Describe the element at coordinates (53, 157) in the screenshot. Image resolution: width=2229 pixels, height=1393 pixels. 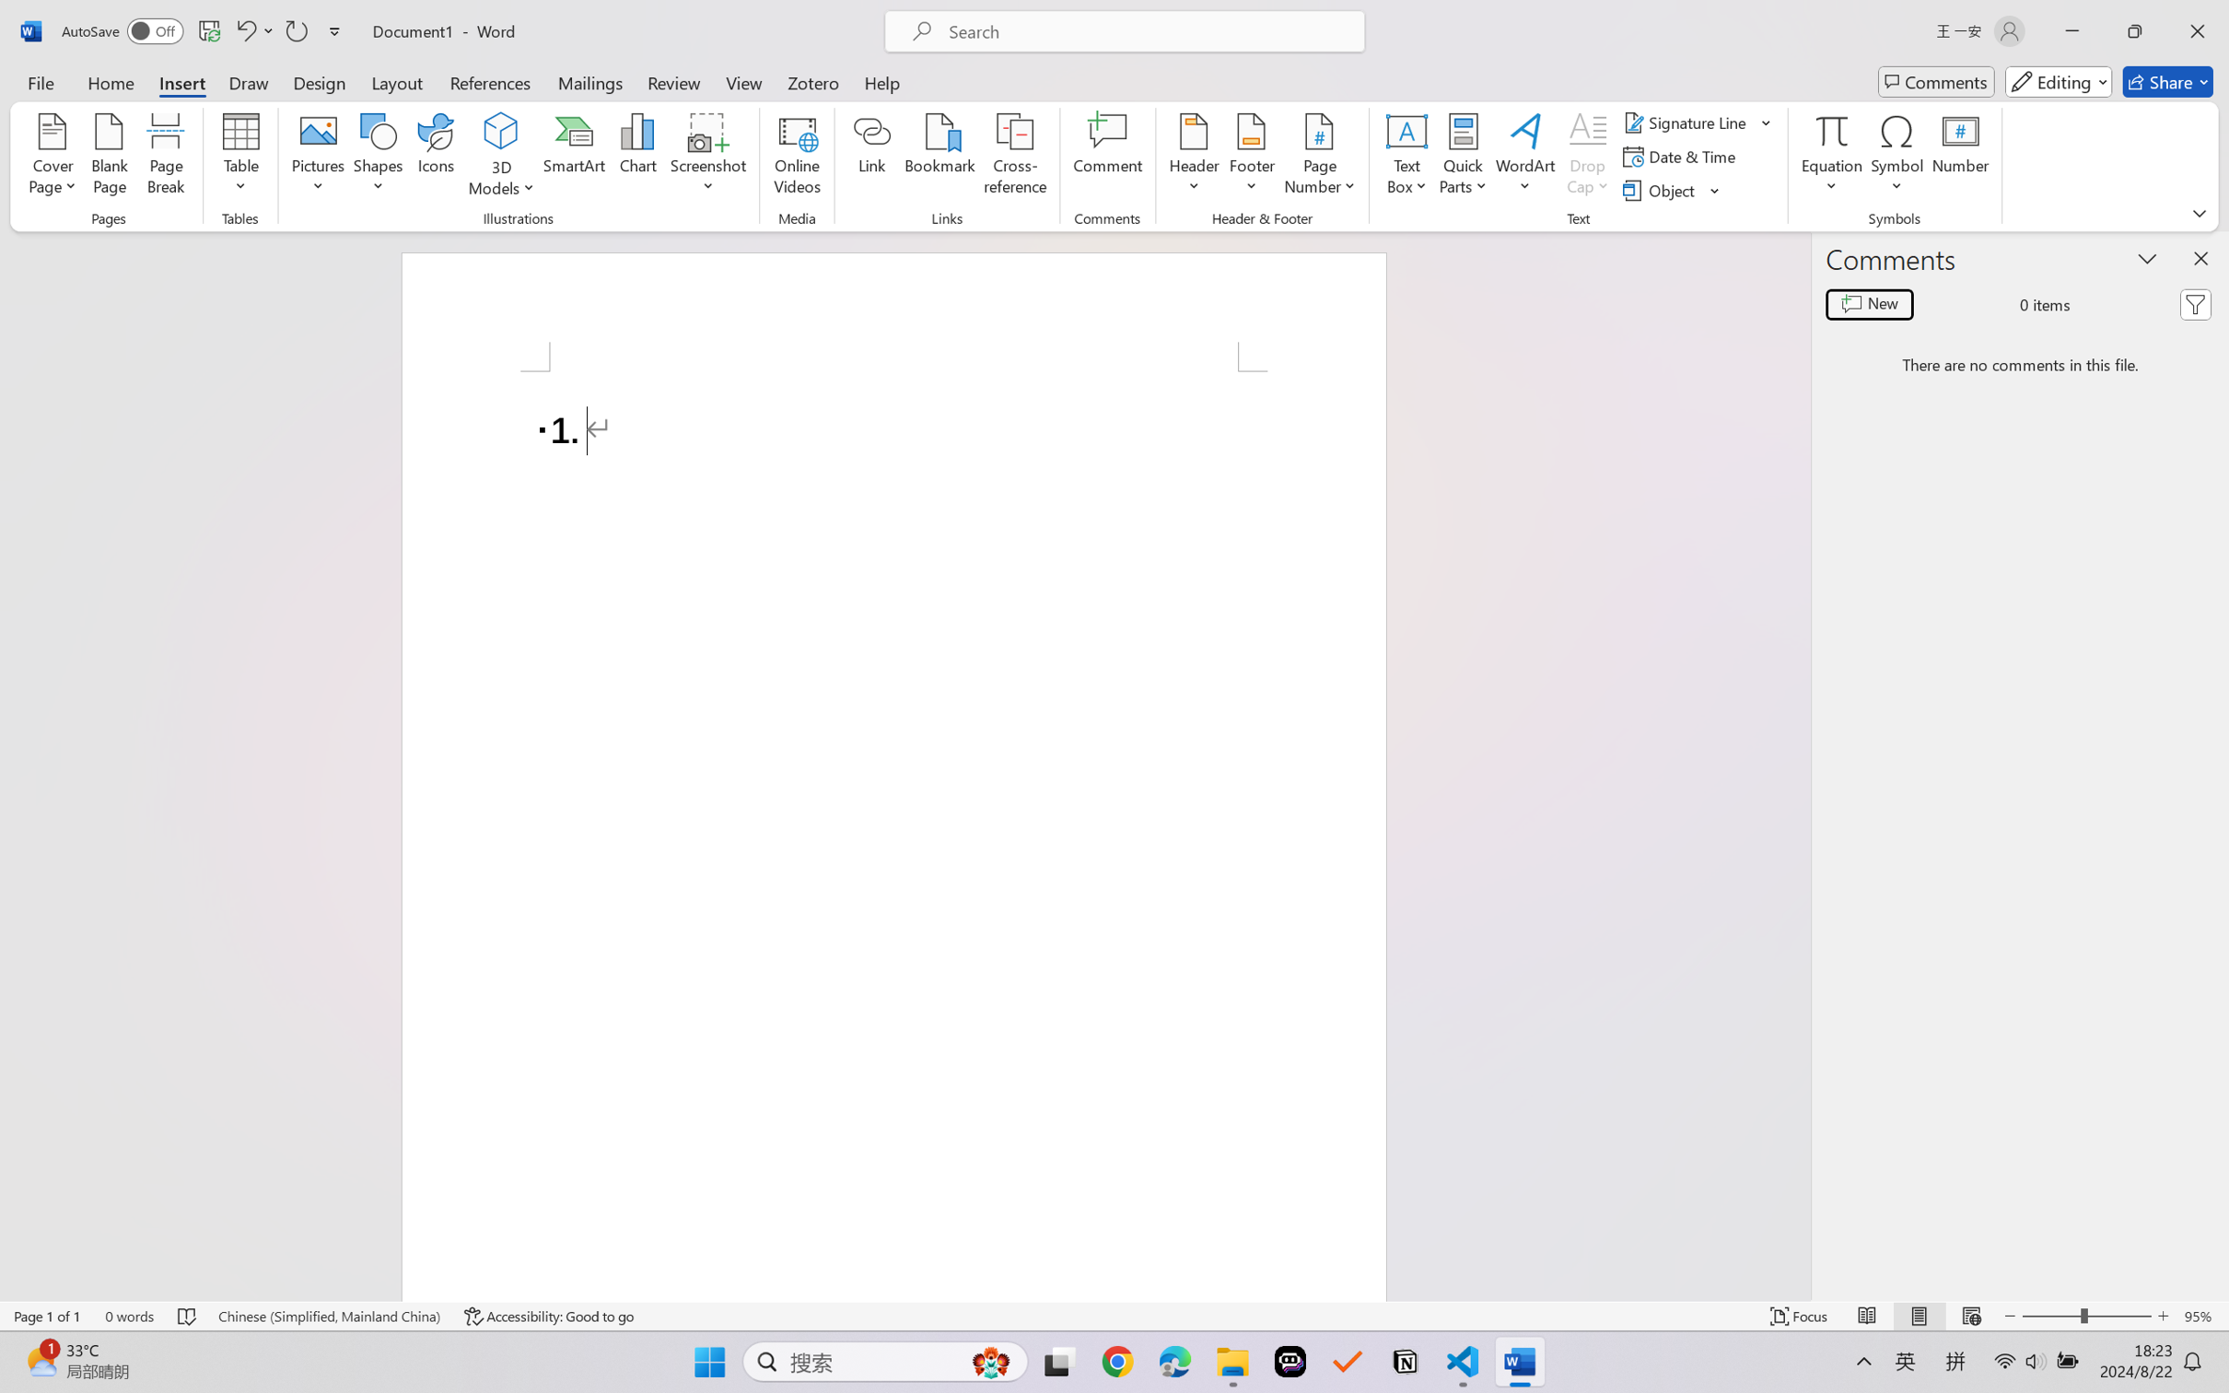
I see `'Cover Page'` at that location.